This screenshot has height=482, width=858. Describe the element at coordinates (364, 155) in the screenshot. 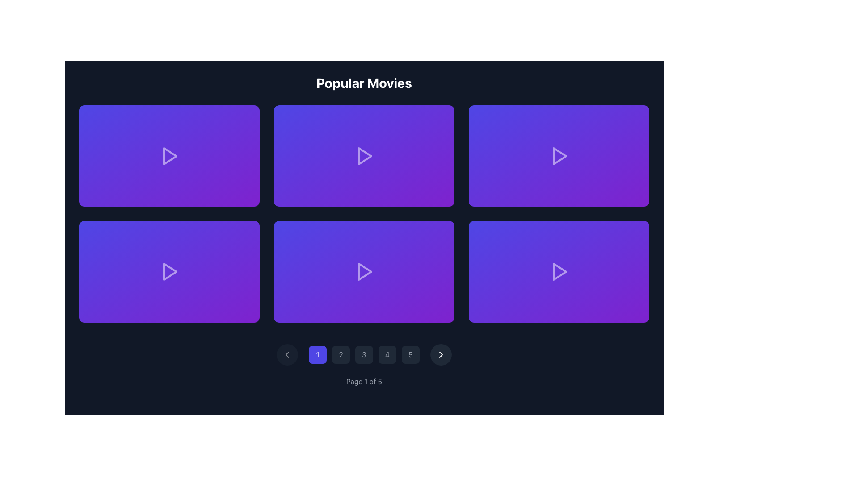

I see `the play icon located in the center of the first row, specifically the second card under the 'Popular Movies' title` at that location.